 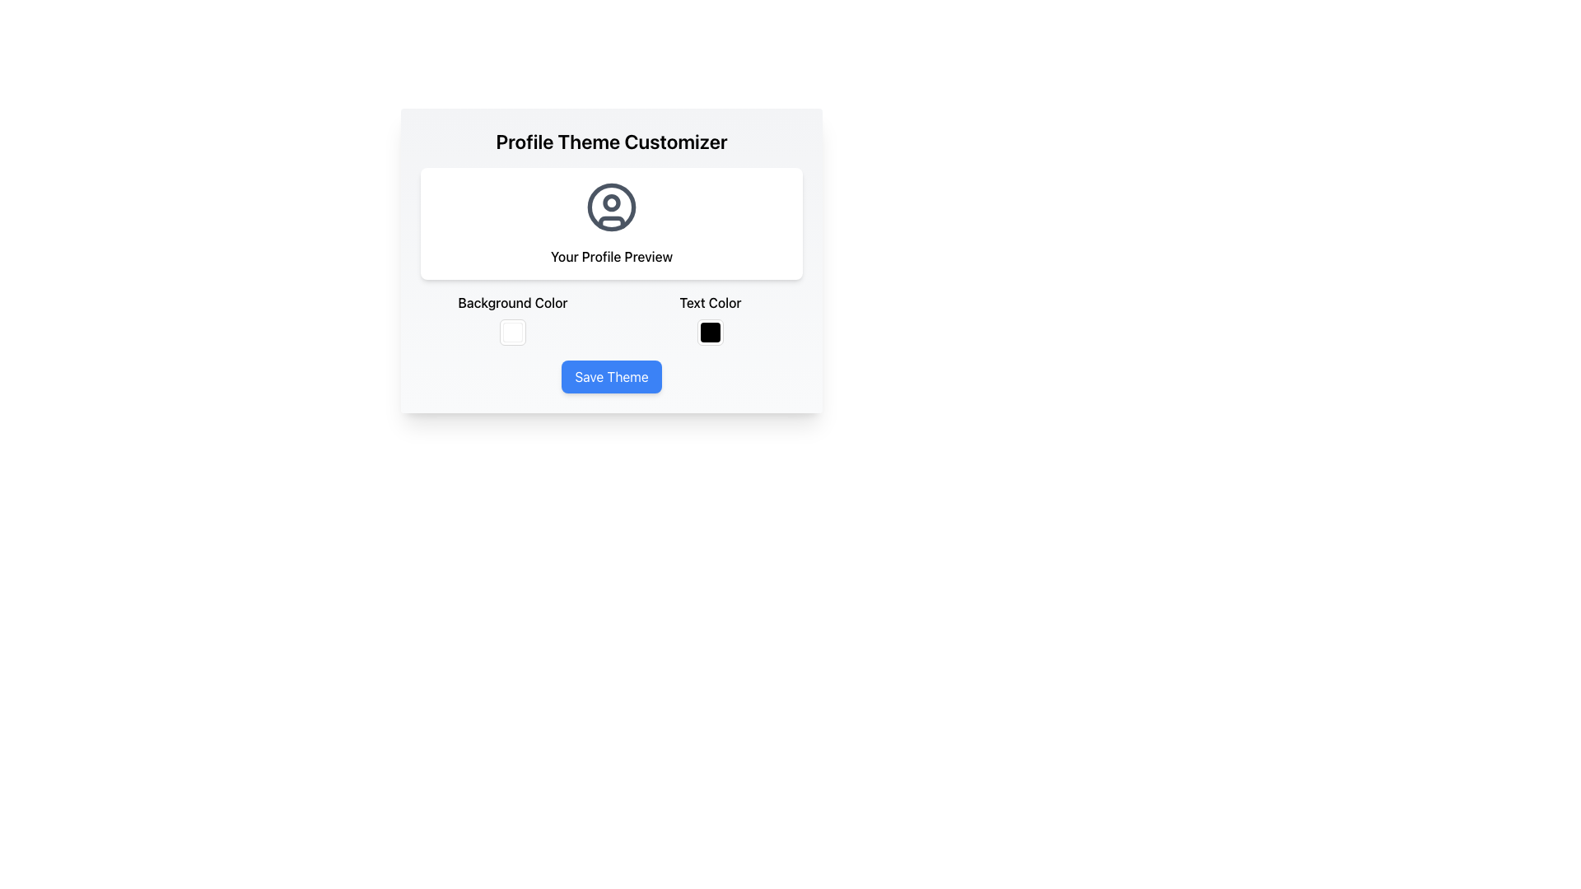 I want to click on the color-picker trigger button located in the 'Background Color' section of the 'Profile Theme Customizer' panel, so click(x=512, y=333).